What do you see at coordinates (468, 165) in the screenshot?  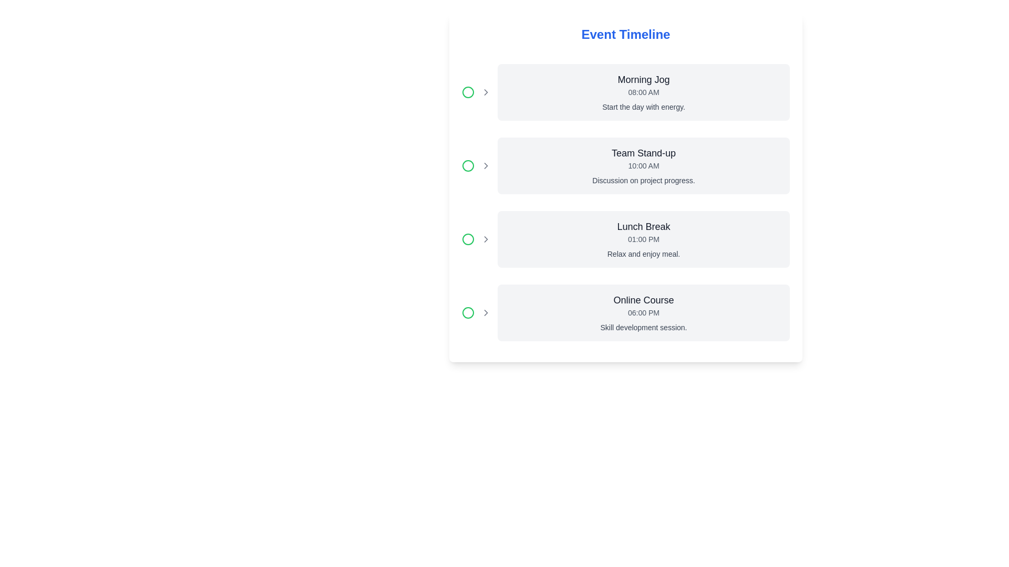 I see `the second green circular status indicator located next to the 'Team Stand-up' entry at 10:00 AM` at bounding box center [468, 165].